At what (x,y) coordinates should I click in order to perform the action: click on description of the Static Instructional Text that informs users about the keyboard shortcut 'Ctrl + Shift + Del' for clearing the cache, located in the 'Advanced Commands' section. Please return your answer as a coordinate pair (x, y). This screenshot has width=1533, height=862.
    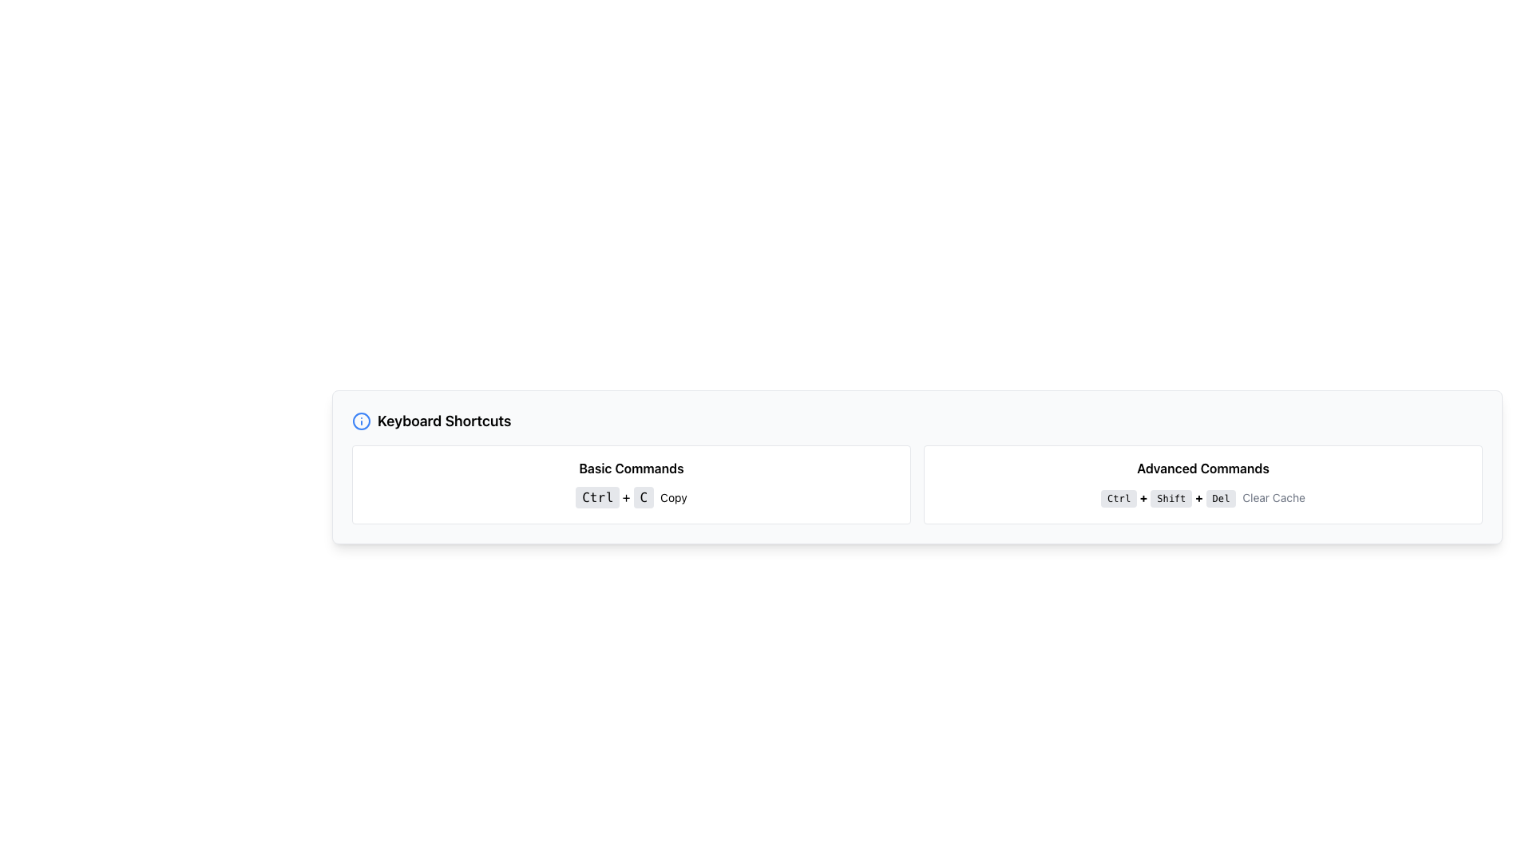
    Looking at the image, I should click on (1203, 496).